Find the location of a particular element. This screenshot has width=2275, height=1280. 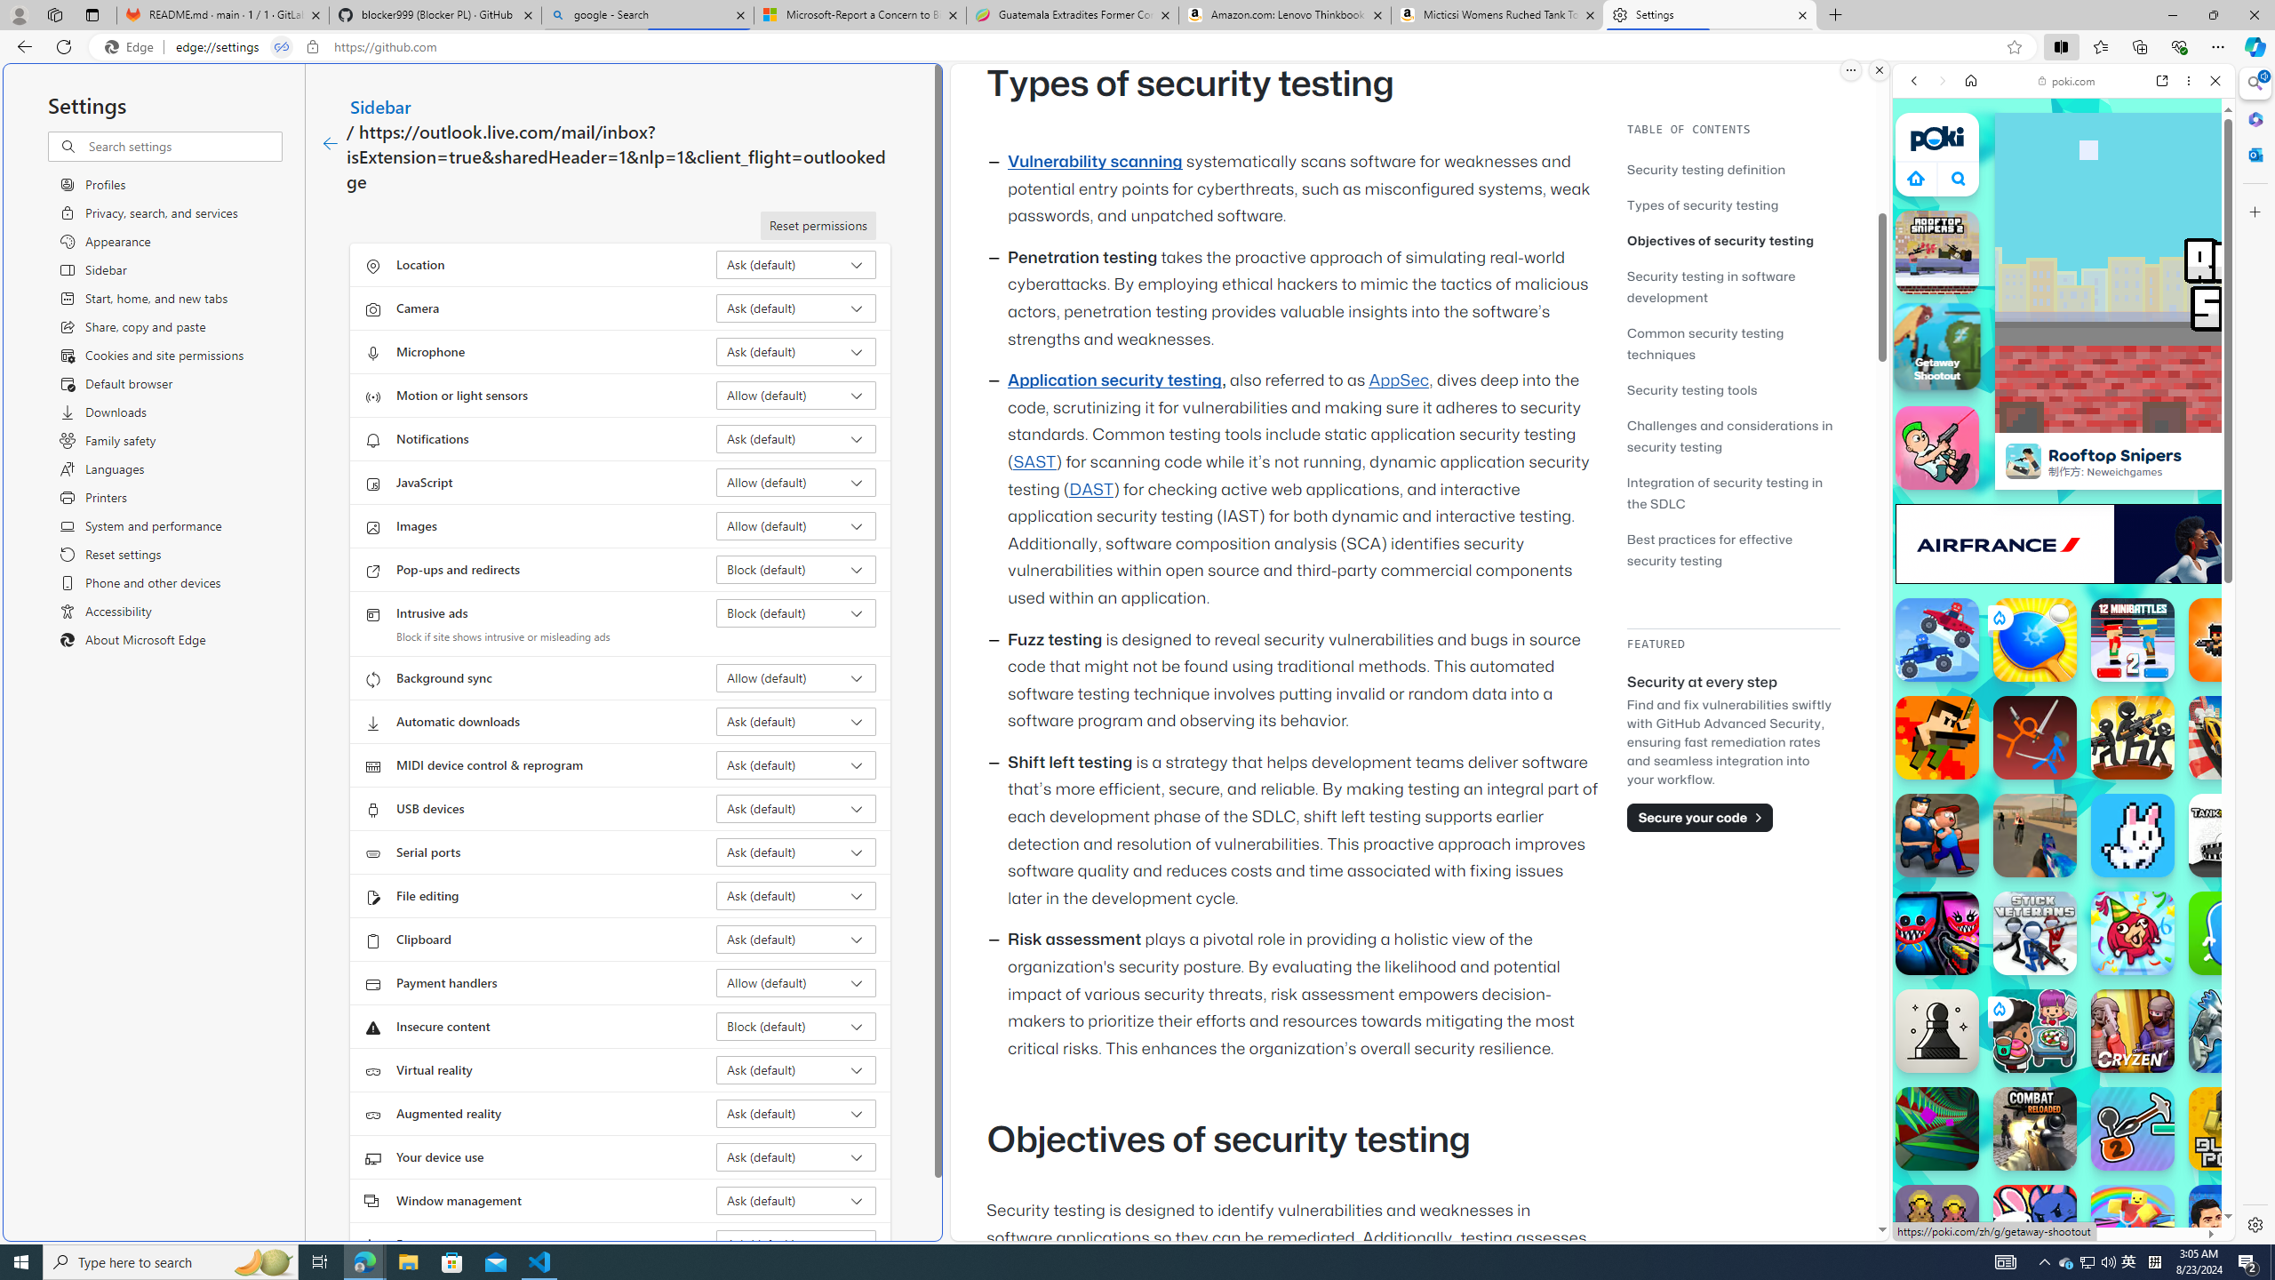

'Common security testing techniques' is located at coordinates (1732, 341).